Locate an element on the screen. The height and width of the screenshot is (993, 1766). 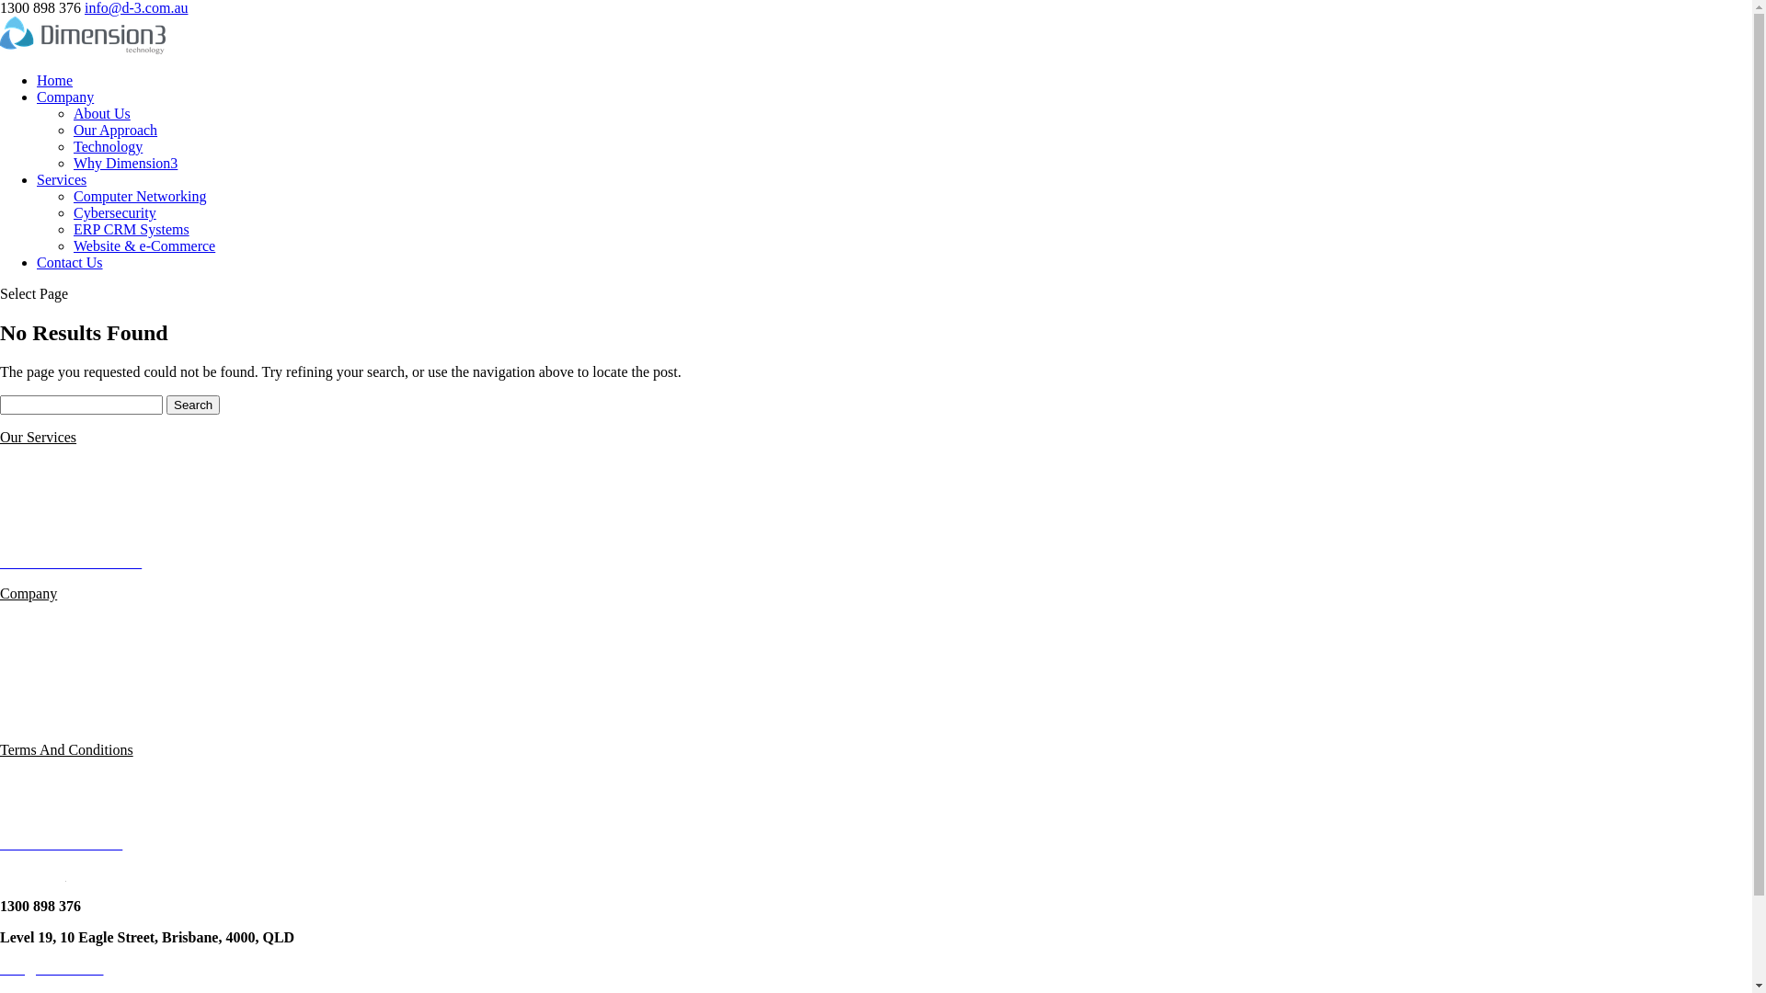
'info@d-3.com.au' is located at coordinates (135, 7).